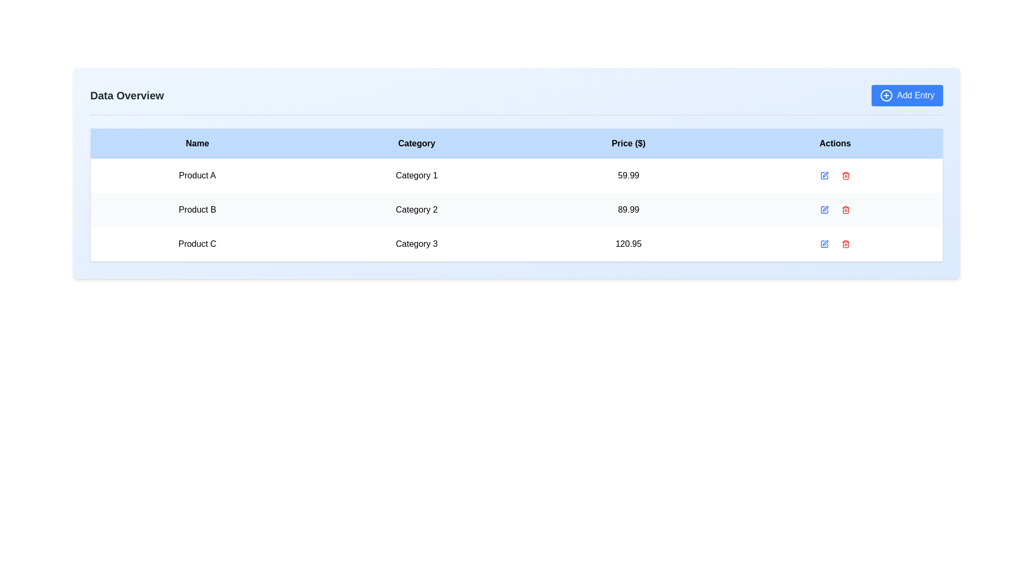 The image size is (1026, 577). What do you see at coordinates (823, 244) in the screenshot?
I see `the edit button located in the third row of the data table, inside the 'Actions' column, positioned to the left of the red-colored trash bin icon to initiate editing` at bounding box center [823, 244].